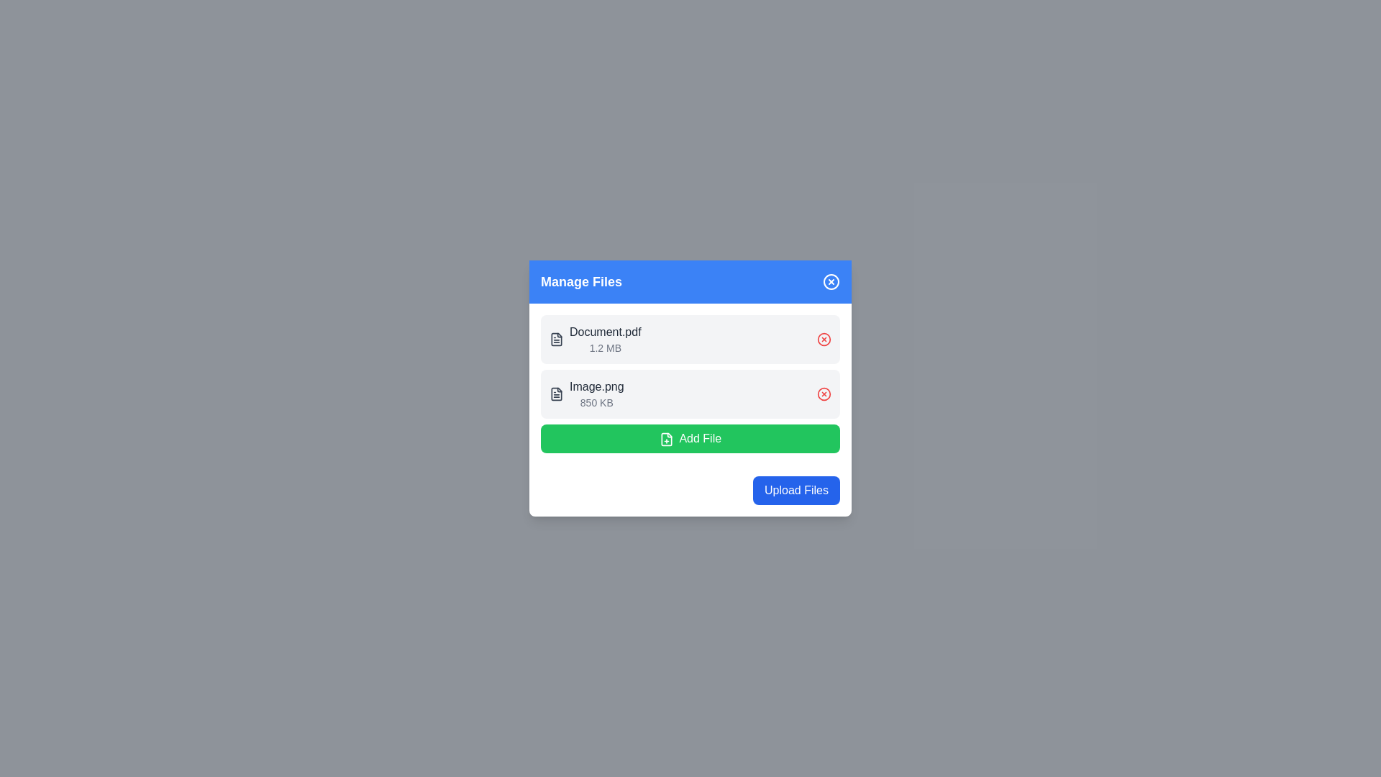  Describe the element at coordinates (690, 437) in the screenshot. I see `the green 'Add File' button with a document icon` at that location.